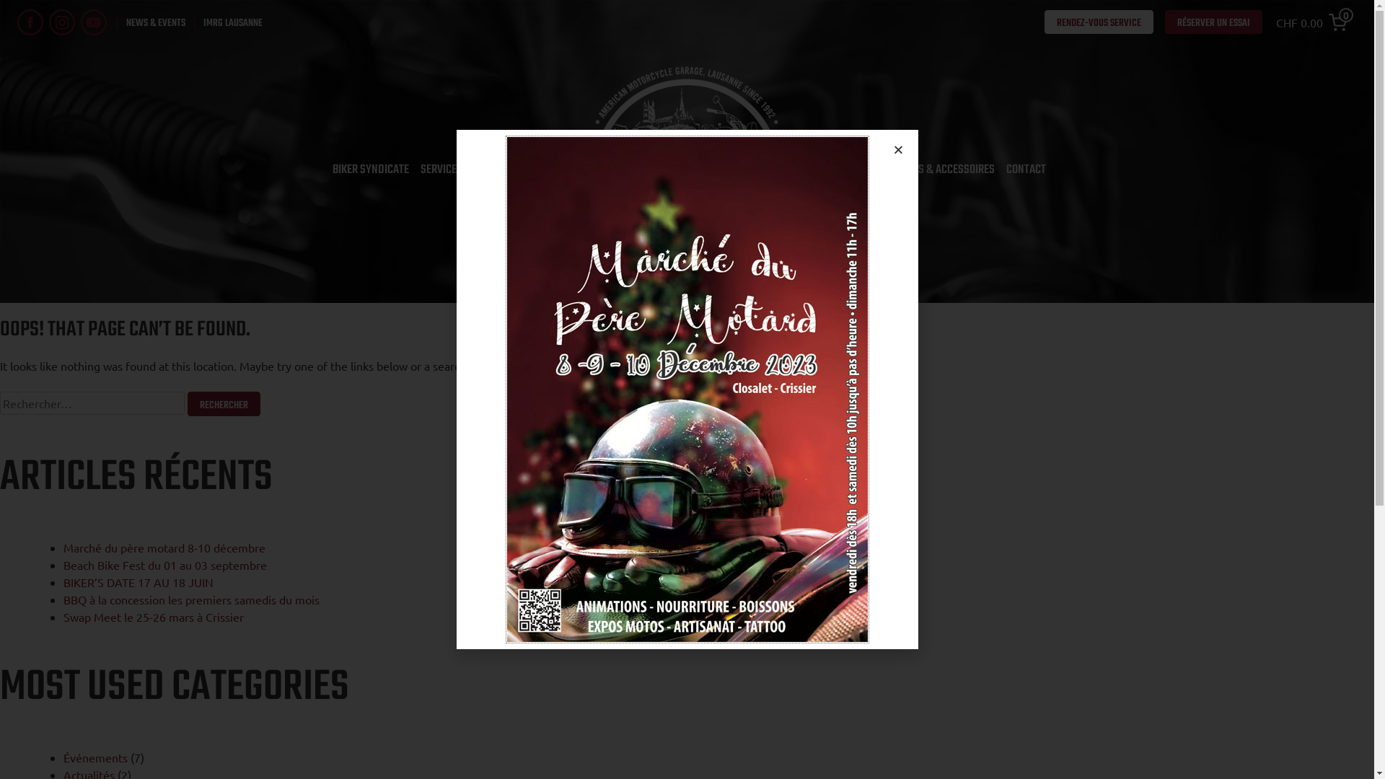 The height and width of the screenshot is (779, 1385). What do you see at coordinates (92, 22) in the screenshot?
I see `'youtube'` at bounding box center [92, 22].